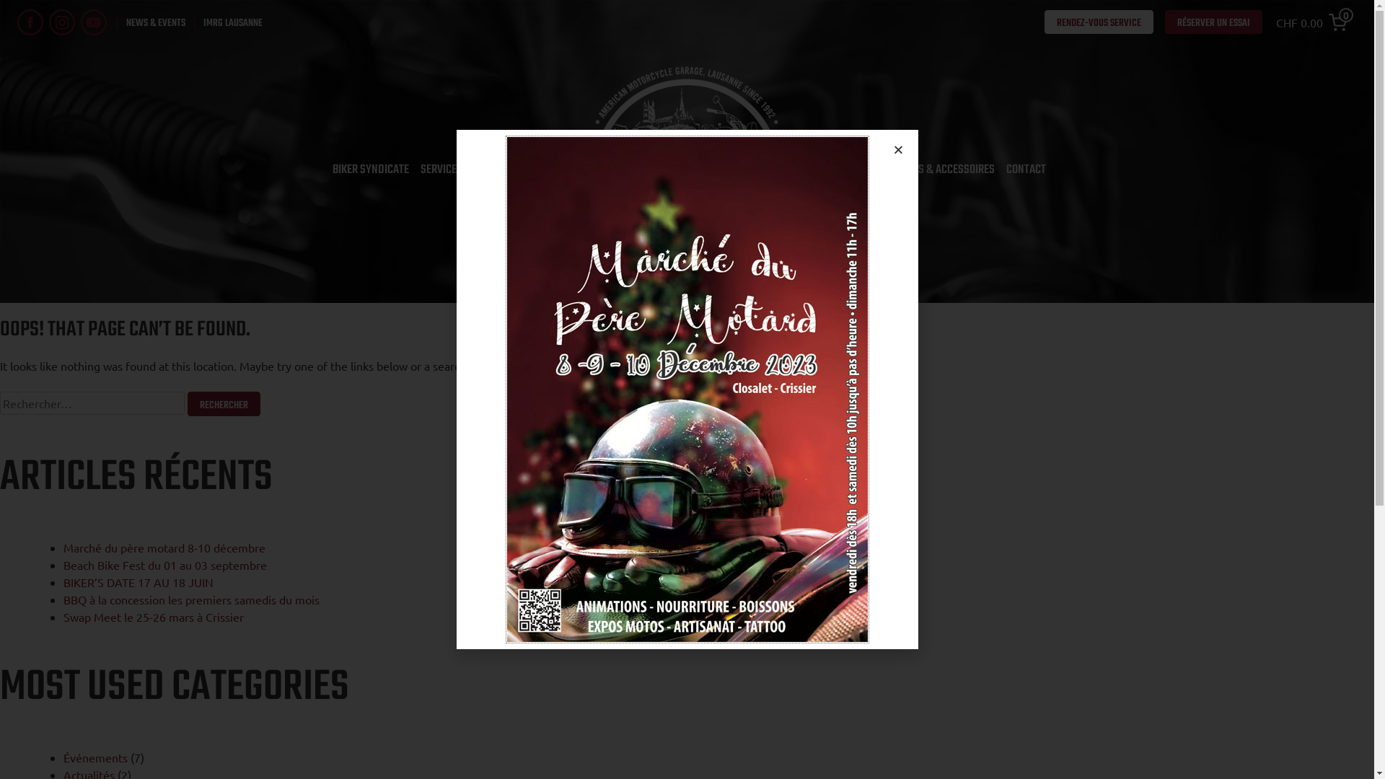 The height and width of the screenshot is (779, 1385). What do you see at coordinates (92, 22) in the screenshot?
I see `'youtube'` at bounding box center [92, 22].